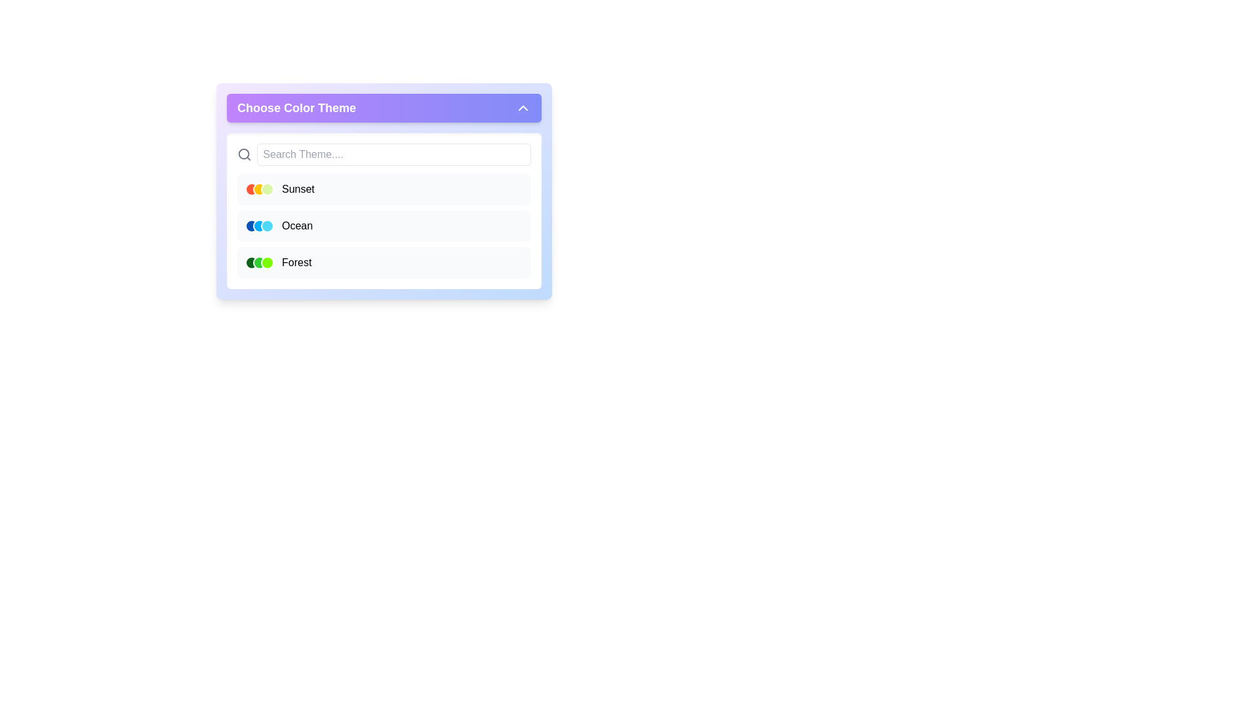 The image size is (1259, 708). I want to click on to select the 'Sunset' theme from the dropdown menu titled 'Choose Color Theme', which includes colored circular indicators and the text 'Sunset', so click(279, 189).